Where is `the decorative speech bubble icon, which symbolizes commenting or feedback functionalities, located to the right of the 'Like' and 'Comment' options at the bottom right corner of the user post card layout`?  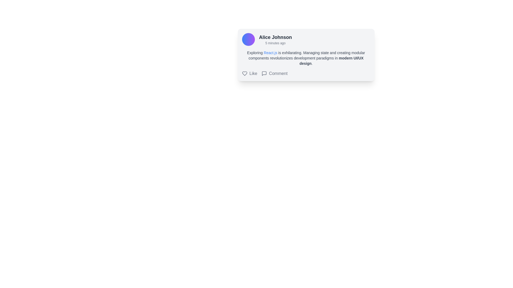 the decorative speech bubble icon, which symbolizes commenting or feedback functionalities, located to the right of the 'Like' and 'Comment' options at the bottom right corner of the user post card layout is located at coordinates (264, 74).